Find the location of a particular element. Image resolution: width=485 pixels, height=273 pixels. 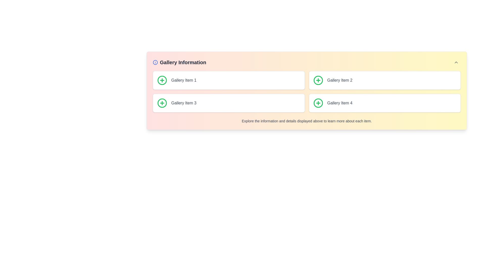

the 'Gallery Item 3' text label, which is centrally located in the second row, left column of the 2x2 grid under the 'Gallery Information' section is located at coordinates (183, 103).